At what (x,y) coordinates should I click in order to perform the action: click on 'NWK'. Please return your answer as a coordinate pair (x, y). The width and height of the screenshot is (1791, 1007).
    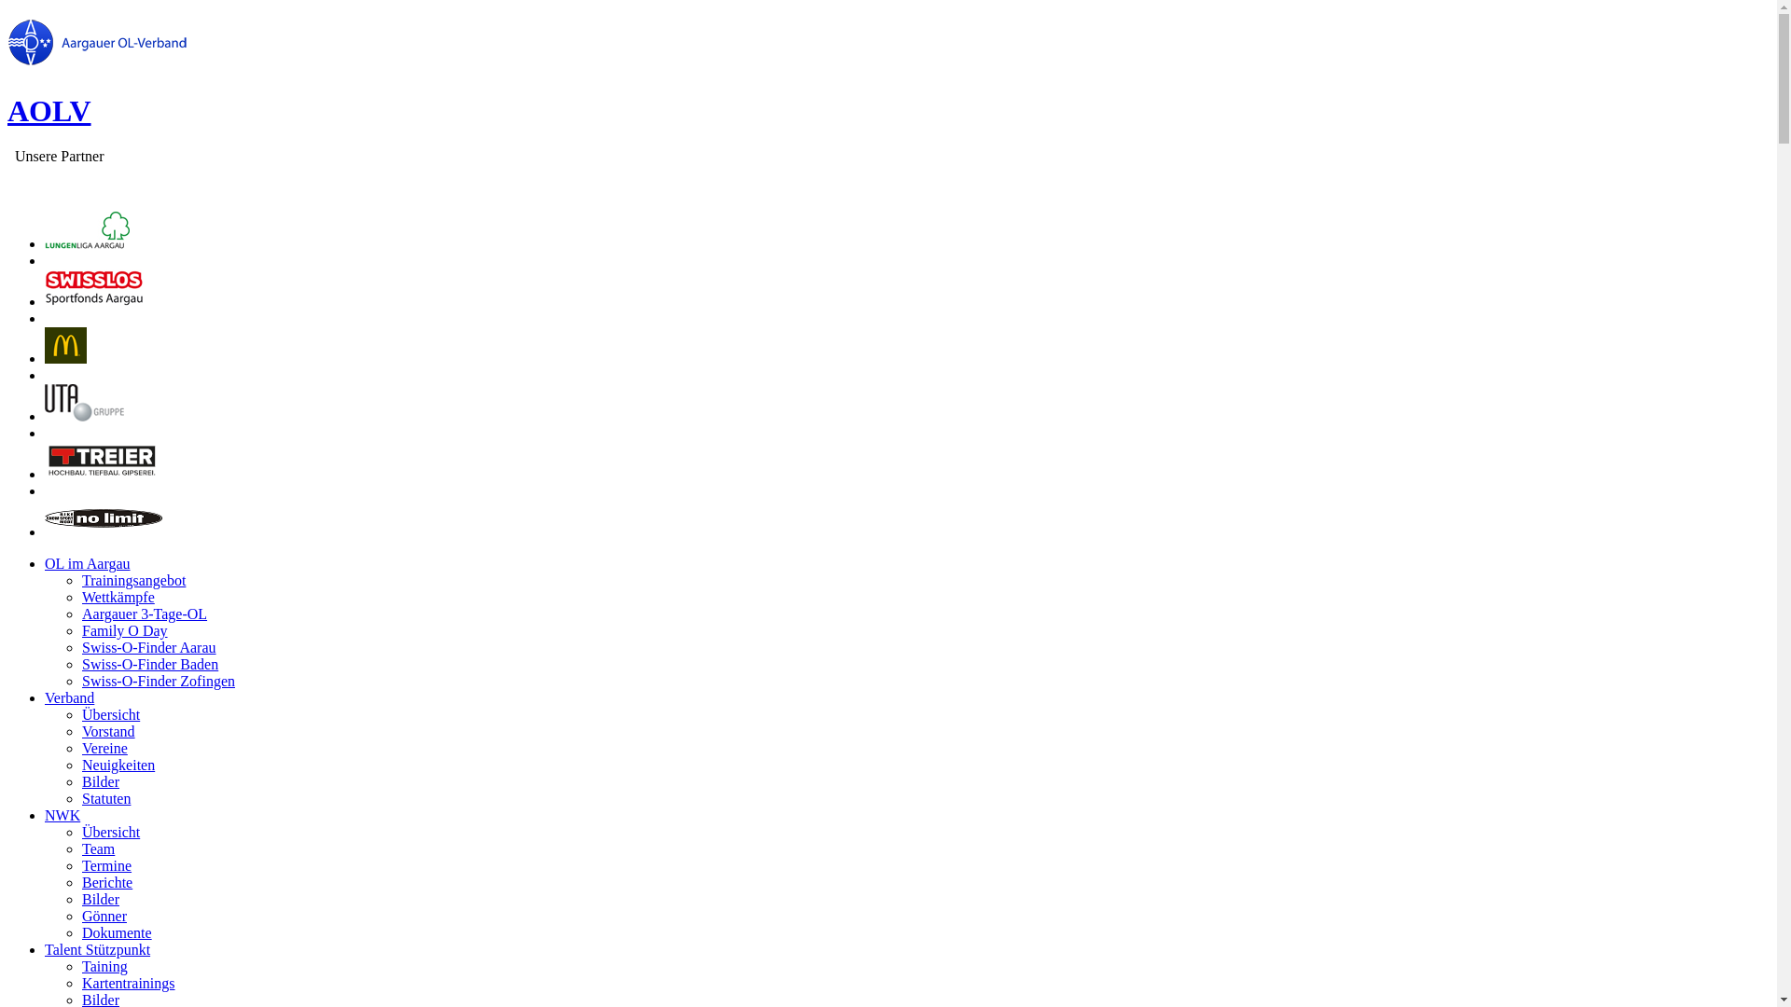
    Looking at the image, I should click on (62, 814).